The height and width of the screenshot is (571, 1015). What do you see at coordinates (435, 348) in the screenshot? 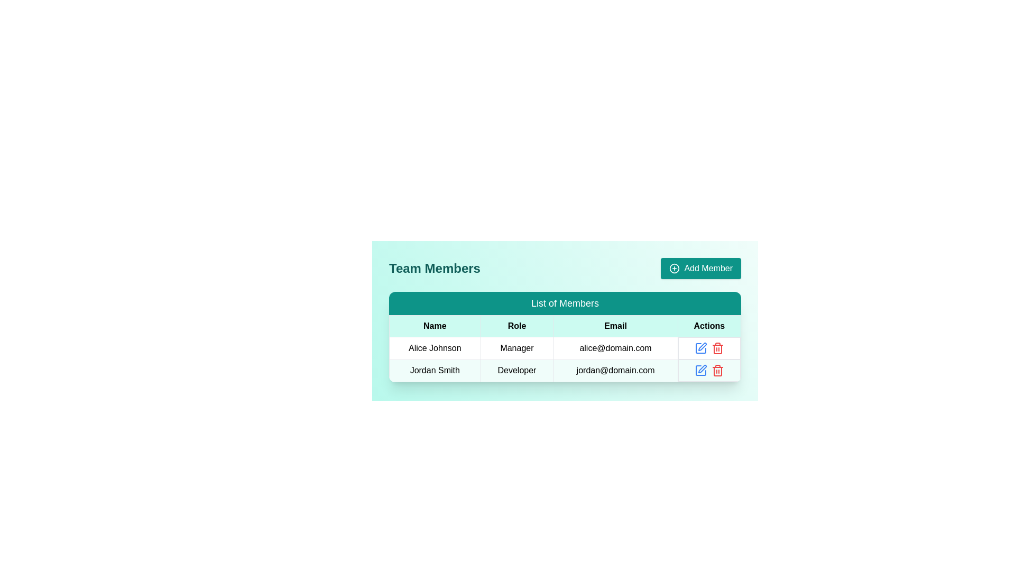
I see `the text label 'Alice Johnson' in the first cell of the 'Name' column in the 'List of Members' table` at bounding box center [435, 348].